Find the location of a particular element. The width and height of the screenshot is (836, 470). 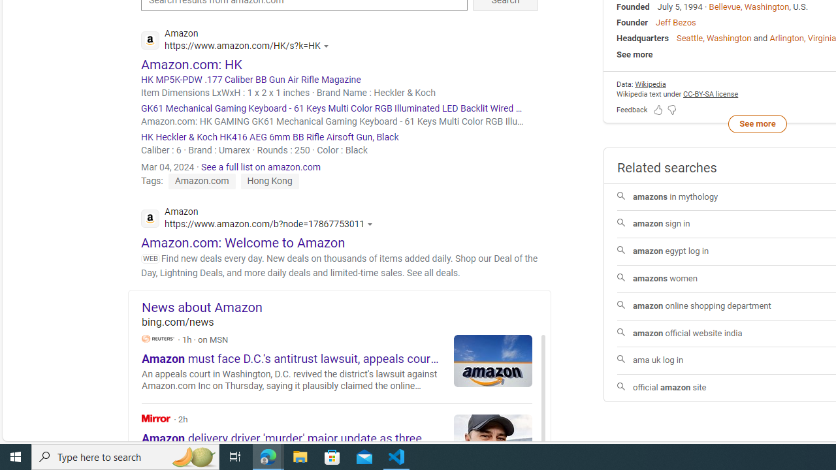

'Feedback Dislike' is located at coordinates (672, 108).